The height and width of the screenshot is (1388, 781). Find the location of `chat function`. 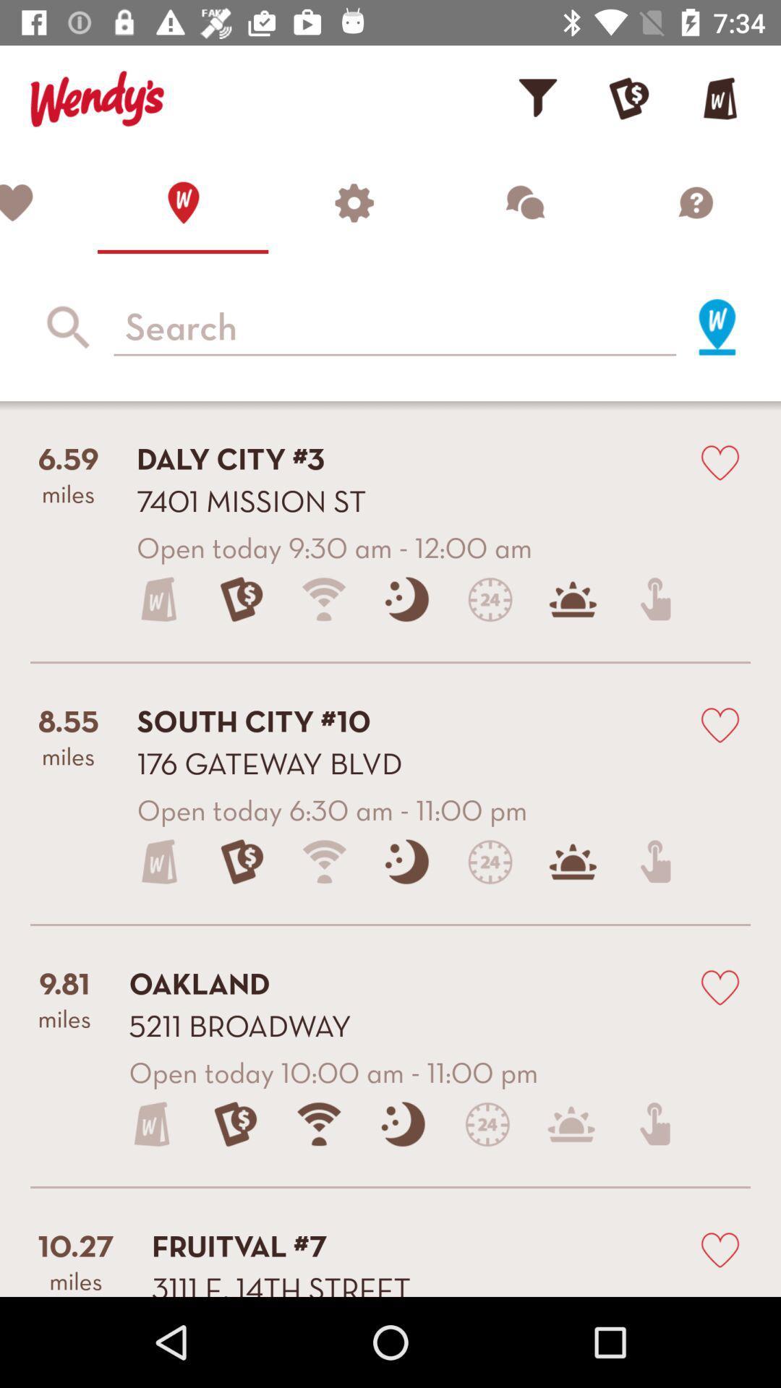

chat function is located at coordinates (524, 202).